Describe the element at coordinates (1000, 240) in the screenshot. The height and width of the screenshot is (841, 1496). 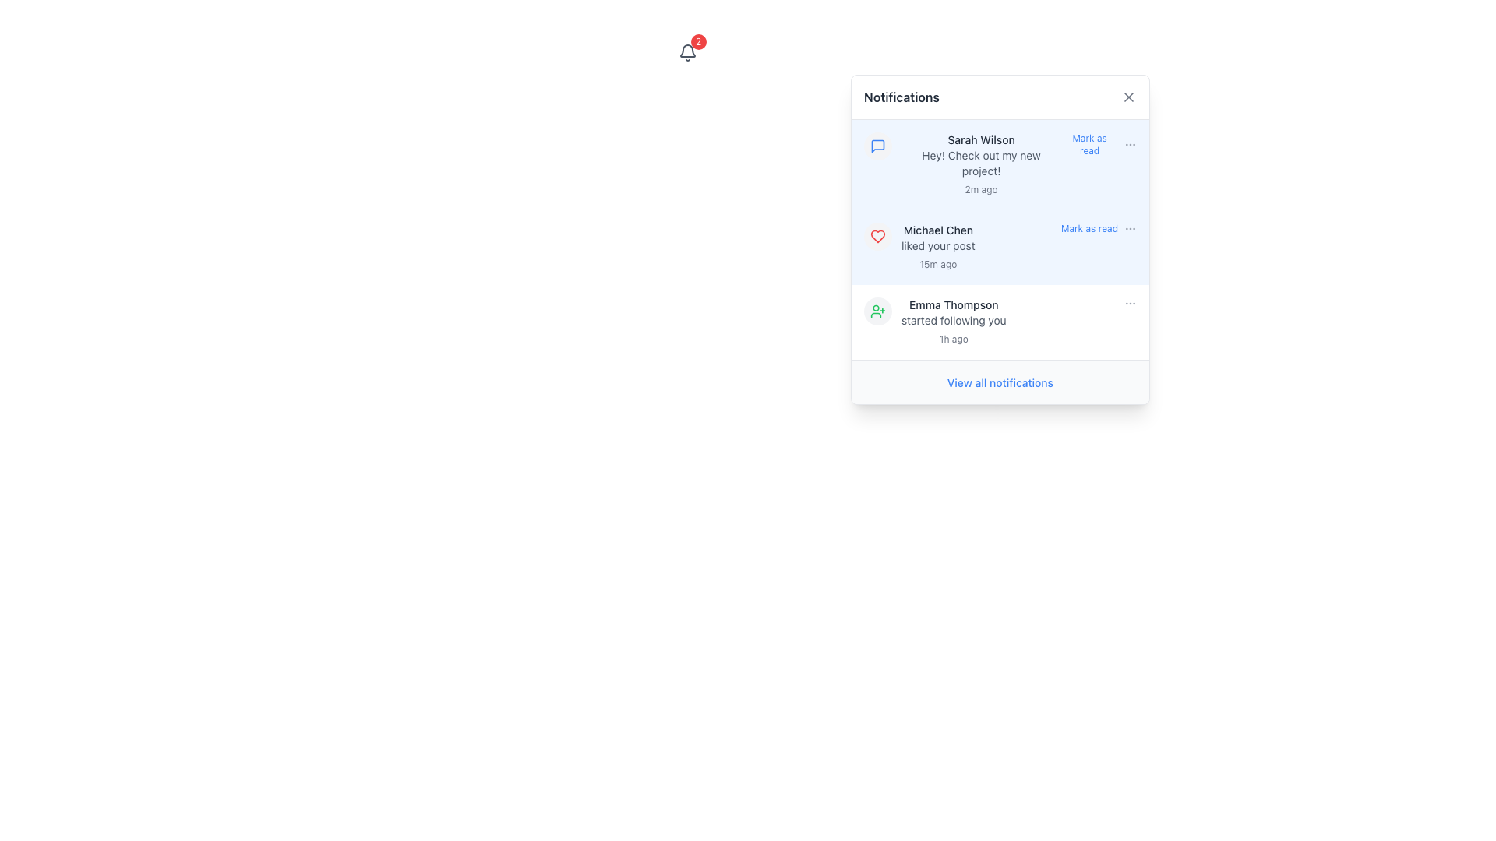
I see `the second notification item in the dropdown notifications menu` at that location.